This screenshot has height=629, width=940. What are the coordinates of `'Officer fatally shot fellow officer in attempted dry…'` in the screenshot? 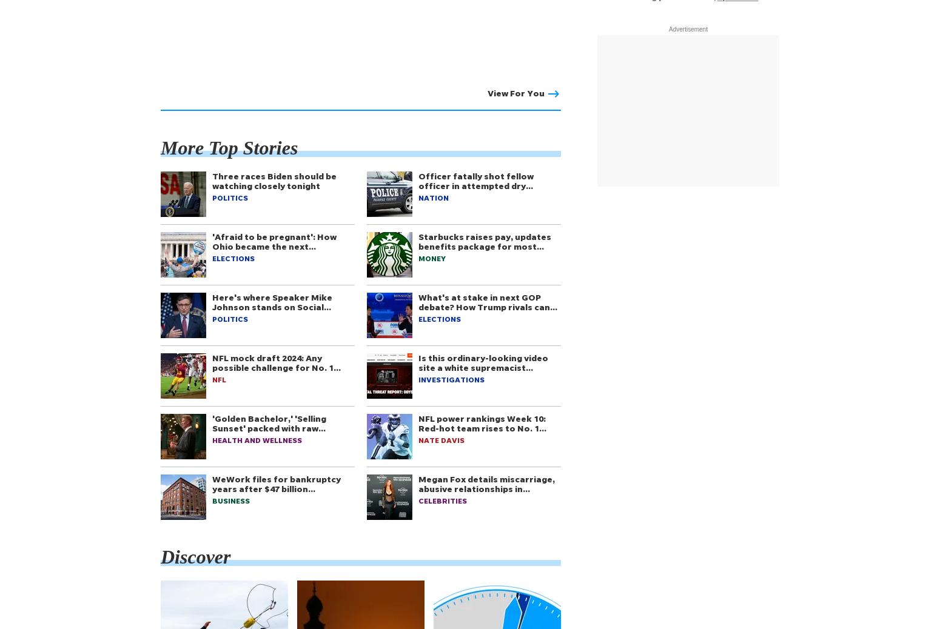 It's located at (475, 181).